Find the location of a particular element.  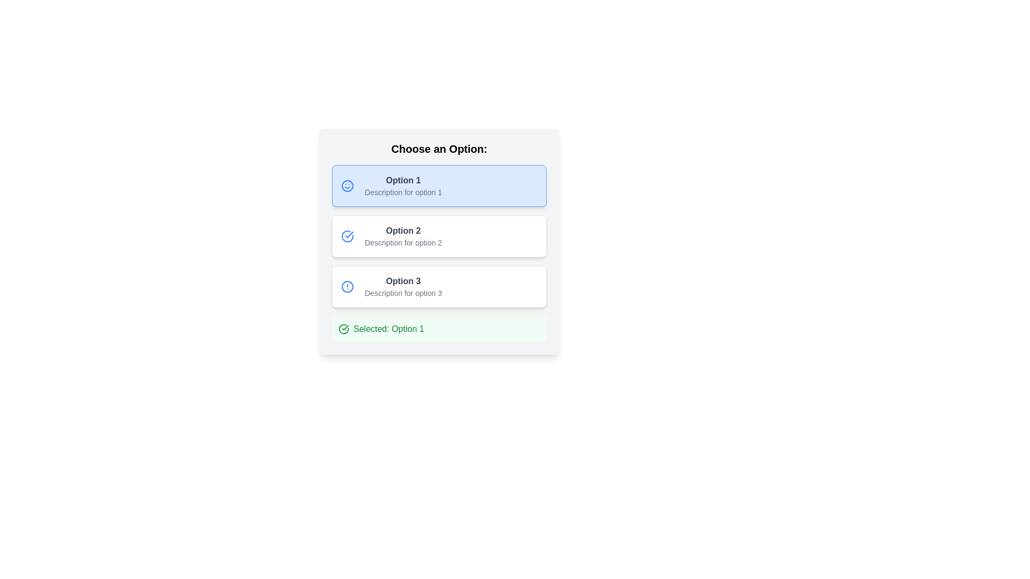

the text label that serves as the title for the second selectable option in the list of choices is located at coordinates (403, 231).